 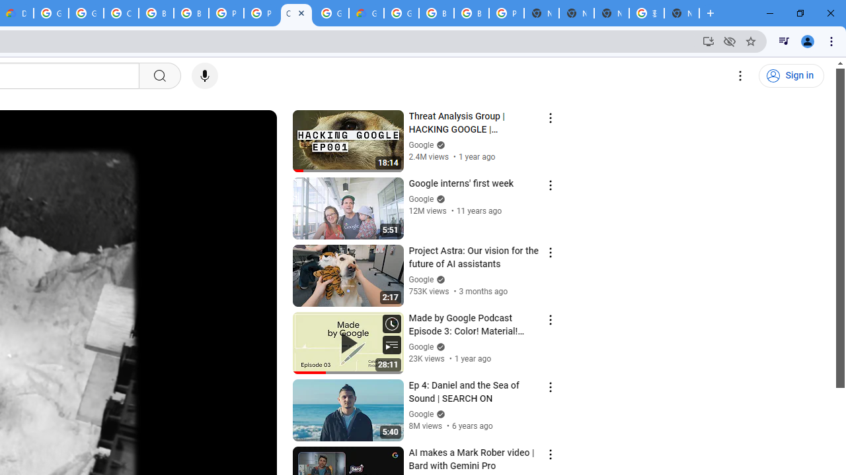 What do you see at coordinates (401, 13) in the screenshot?
I see `'Google Cloud Platform'` at bounding box center [401, 13].